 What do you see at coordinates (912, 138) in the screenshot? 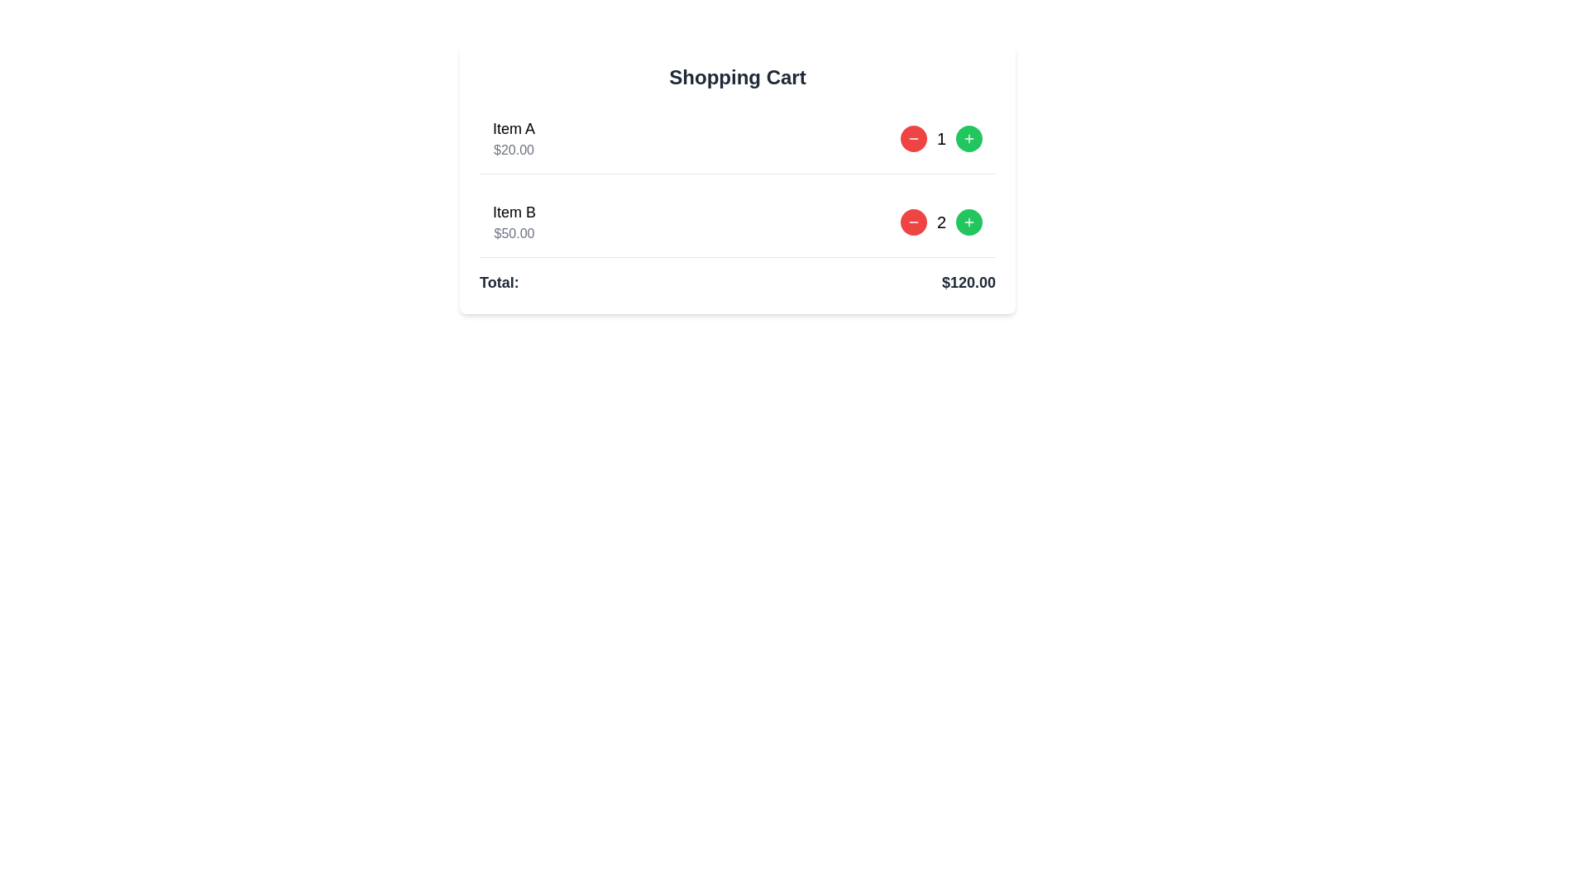
I see `the button to decrease the quantity of 'Item A' in the shopping cart, located beside the quantity indicator of the first list item` at bounding box center [912, 138].